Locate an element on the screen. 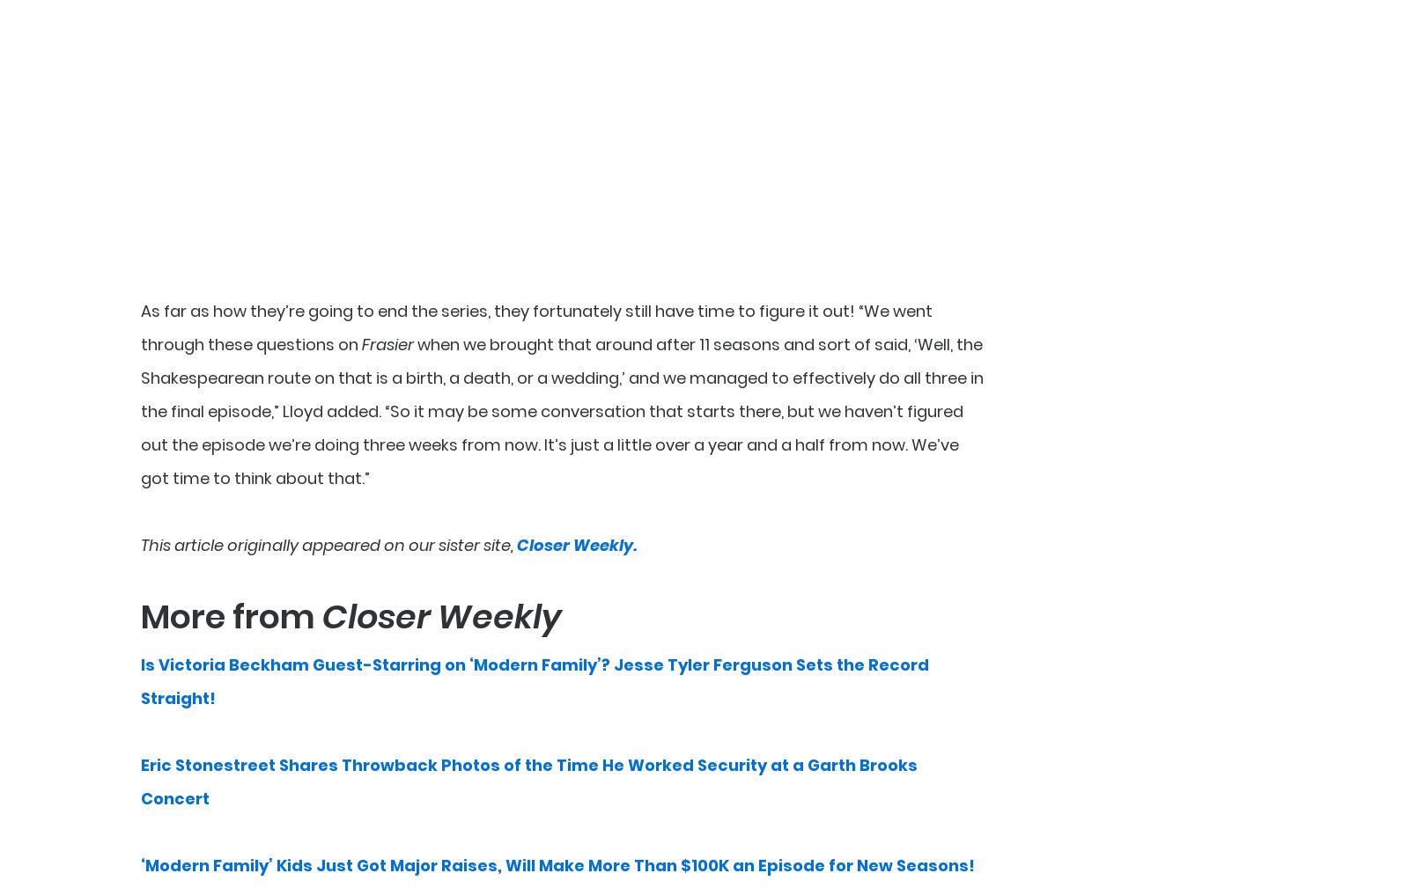 This screenshot has width=1409, height=888. 'Closer Weekly' is located at coordinates (440, 616).